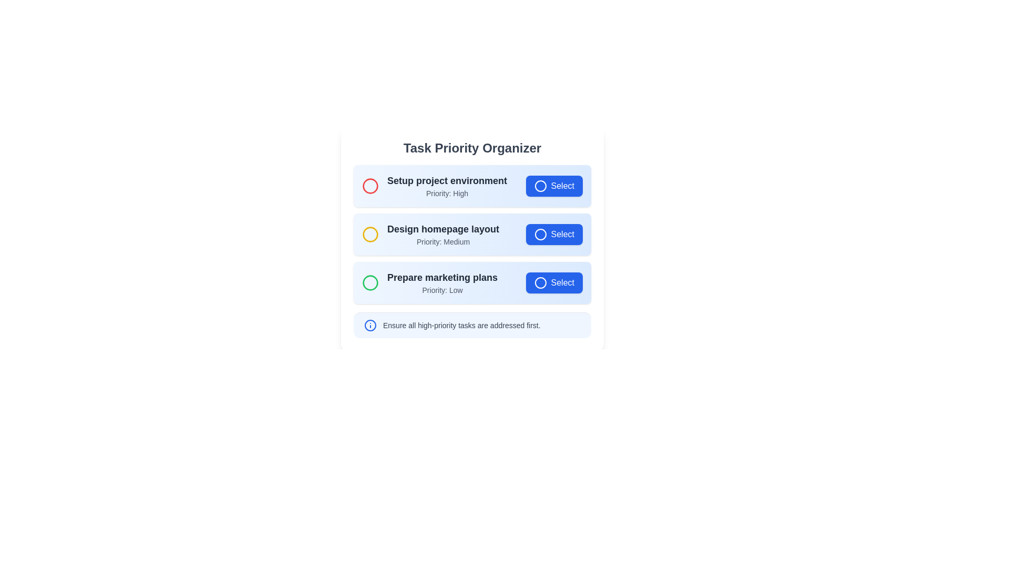 This screenshot has width=1009, height=568. What do you see at coordinates (447, 193) in the screenshot?
I see `text content of the descriptive label indicating the priority level of the task associated with 'Setup project environment' in the 'Task Priority Organizer' interface` at bounding box center [447, 193].